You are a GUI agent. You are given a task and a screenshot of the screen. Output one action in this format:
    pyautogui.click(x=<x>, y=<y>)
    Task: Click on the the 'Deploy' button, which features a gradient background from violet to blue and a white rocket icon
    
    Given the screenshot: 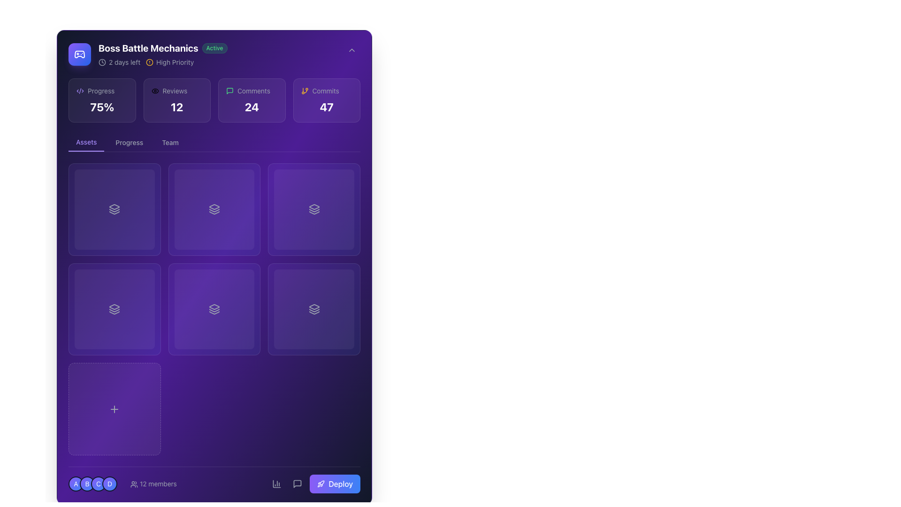 What is the action you would take?
    pyautogui.click(x=314, y=484)
    